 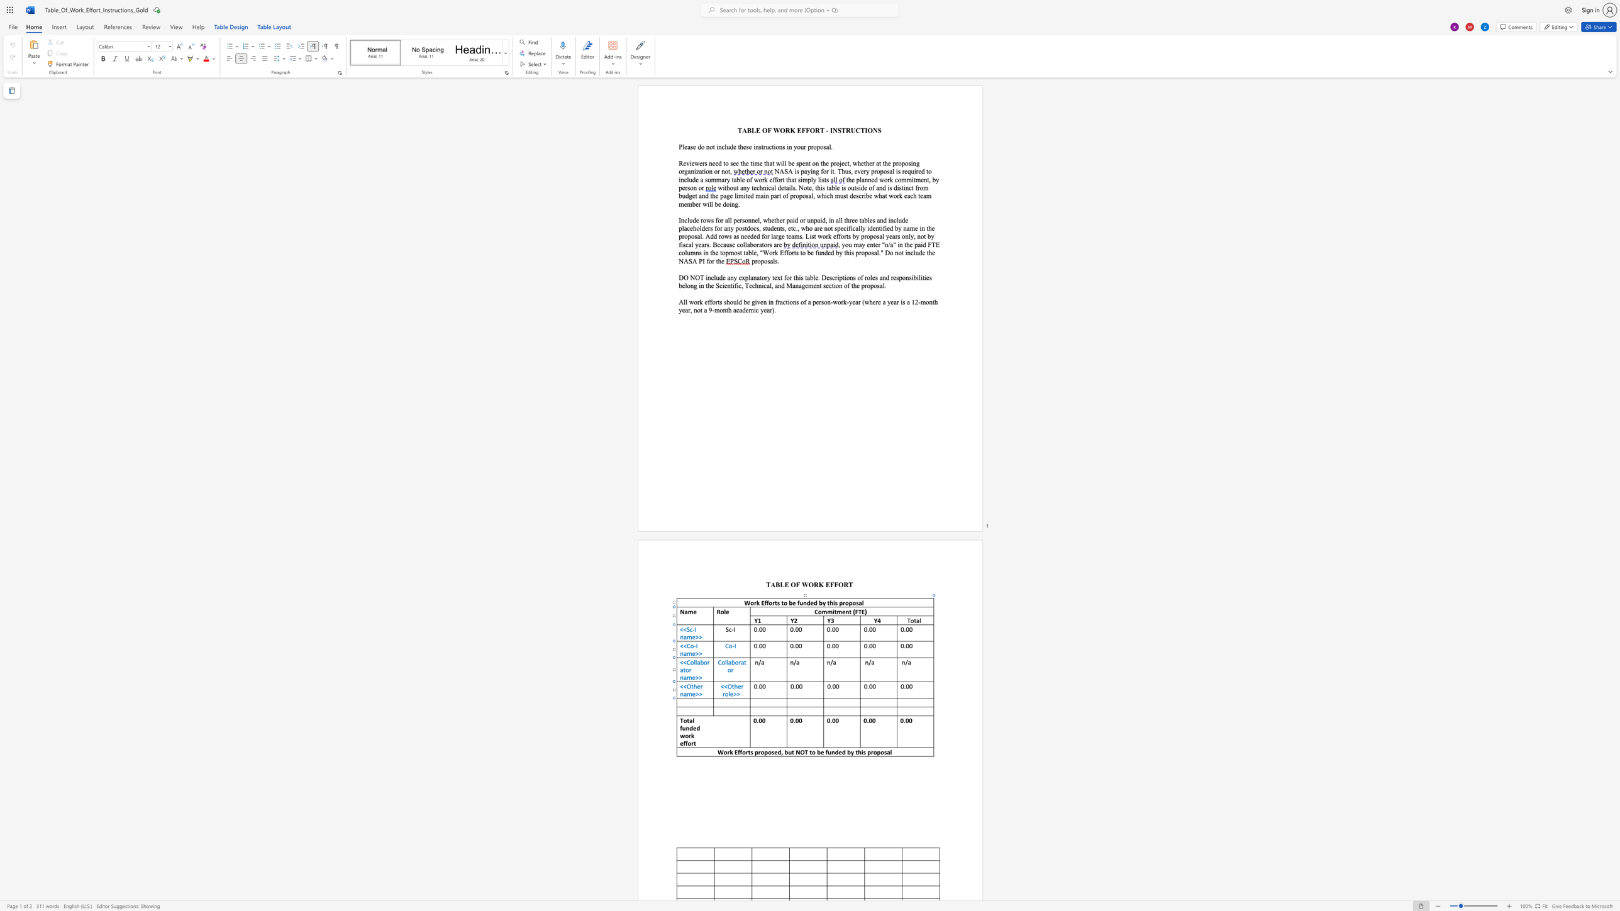 I want to click on the 1th character "w" in the text, so click(x=682, y=736).